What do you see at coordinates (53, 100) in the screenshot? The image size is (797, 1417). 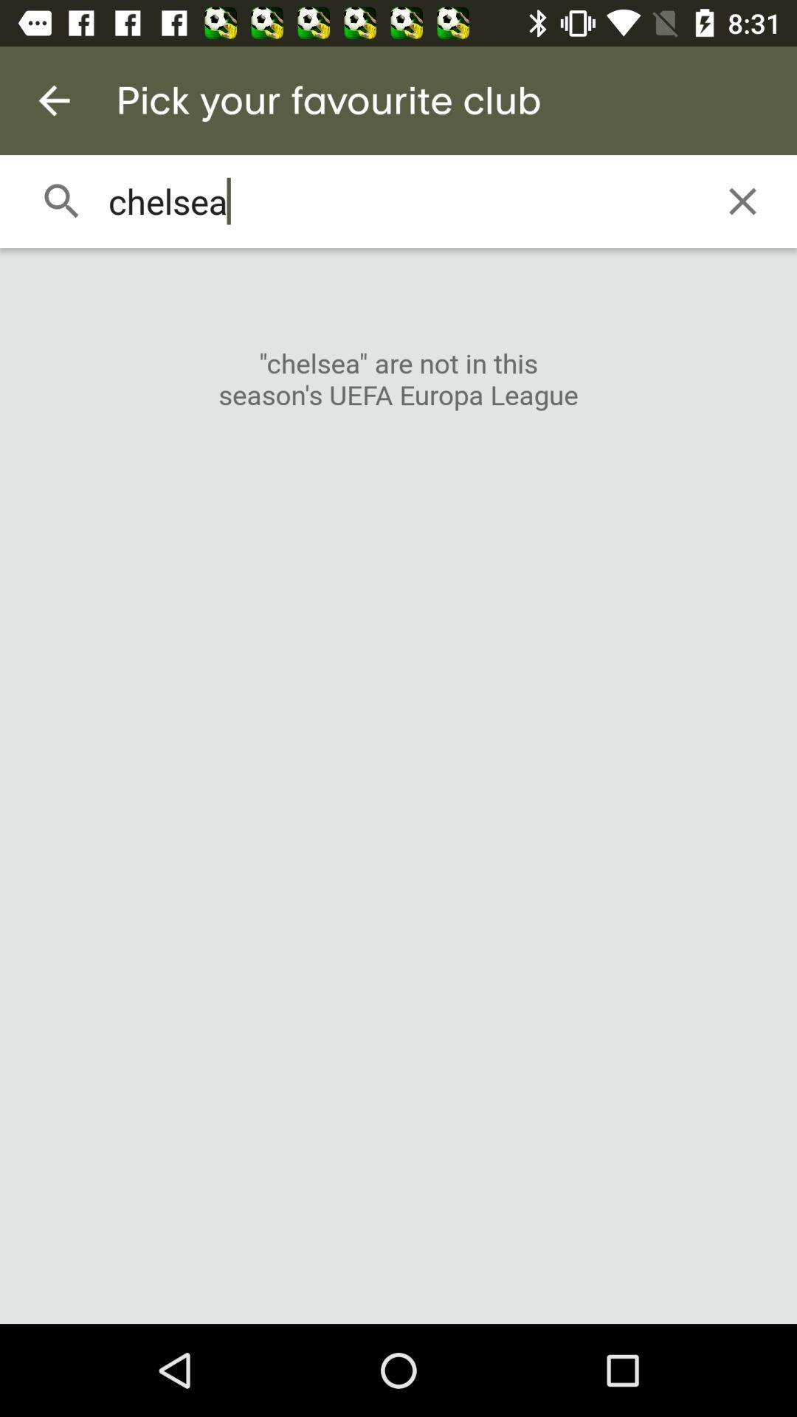 I see `the item to the left of the pick your favourite` at bounding box center [53, 100].